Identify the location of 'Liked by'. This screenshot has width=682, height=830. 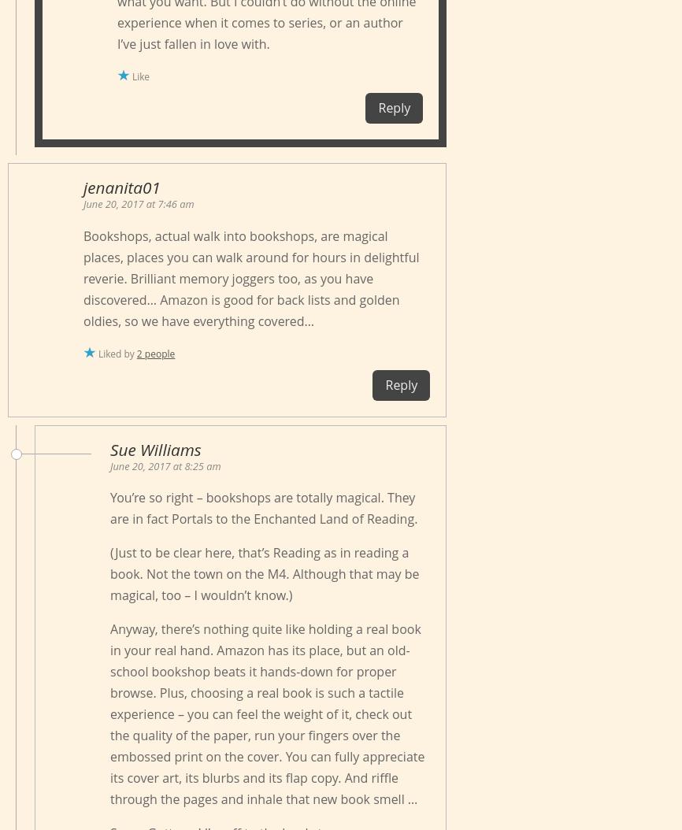
(117, 353).